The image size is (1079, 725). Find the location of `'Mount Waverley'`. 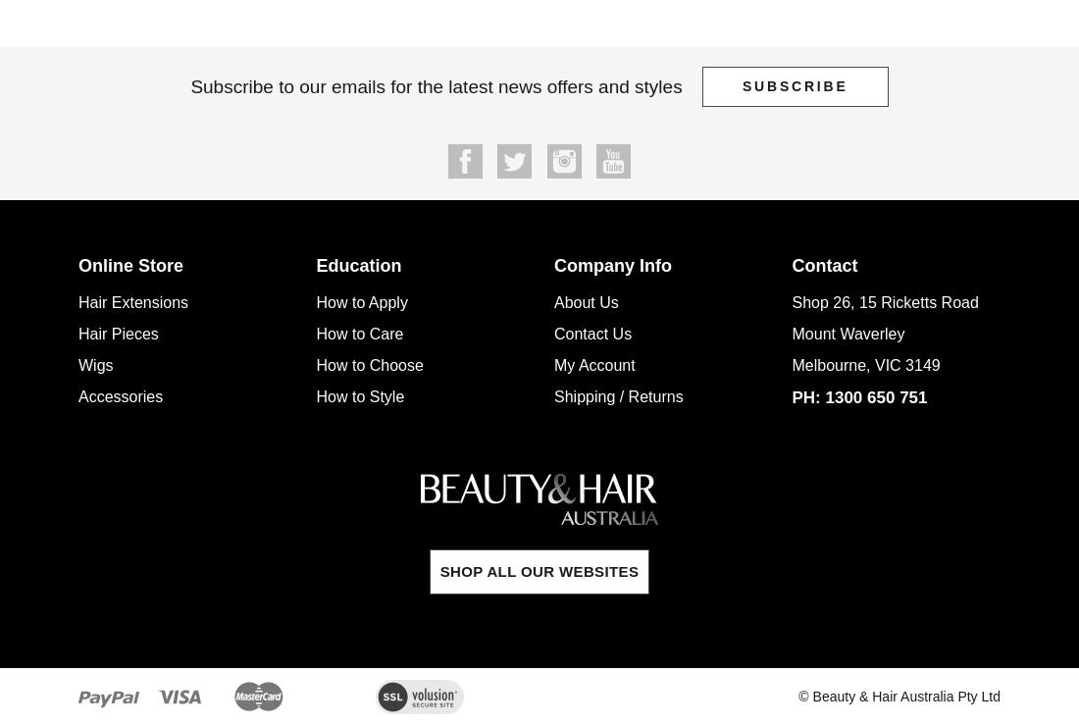

'Mount Waverley' is located at coordinates (847, 332).